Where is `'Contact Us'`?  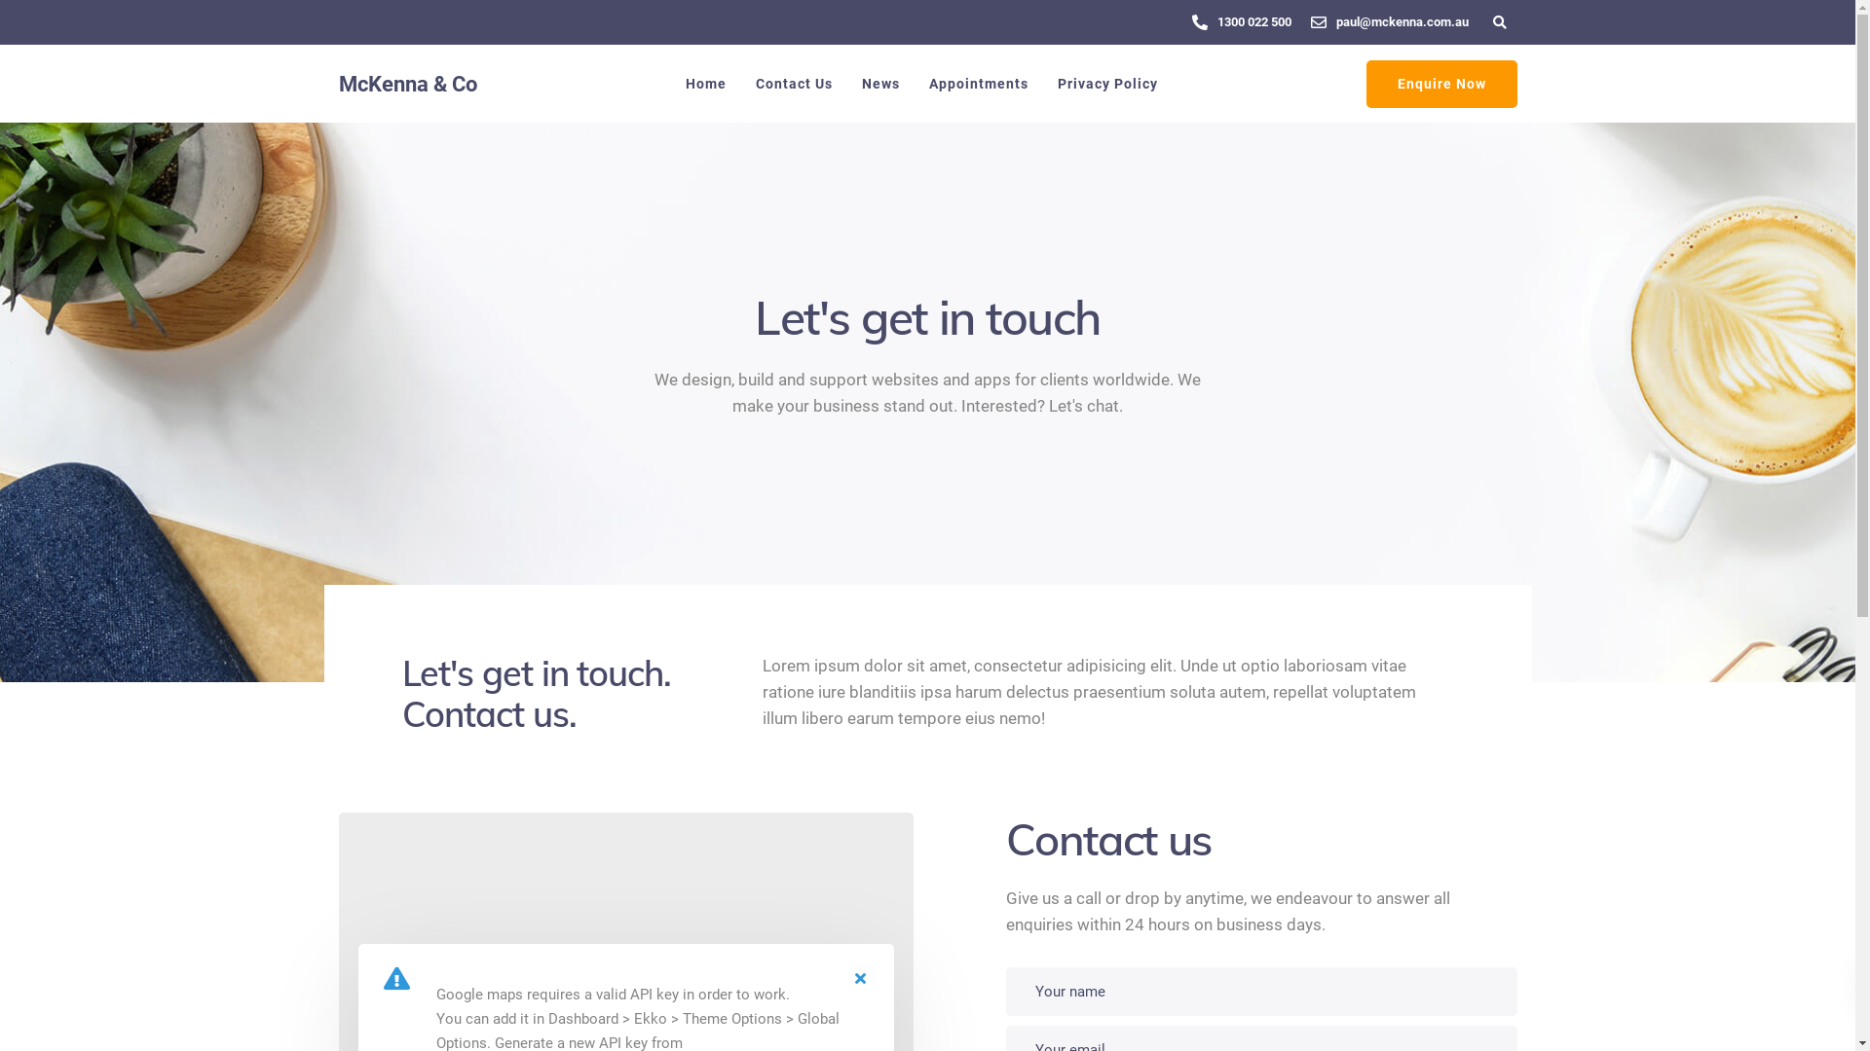
'Contact Us' is located at coordinates (793, 82).